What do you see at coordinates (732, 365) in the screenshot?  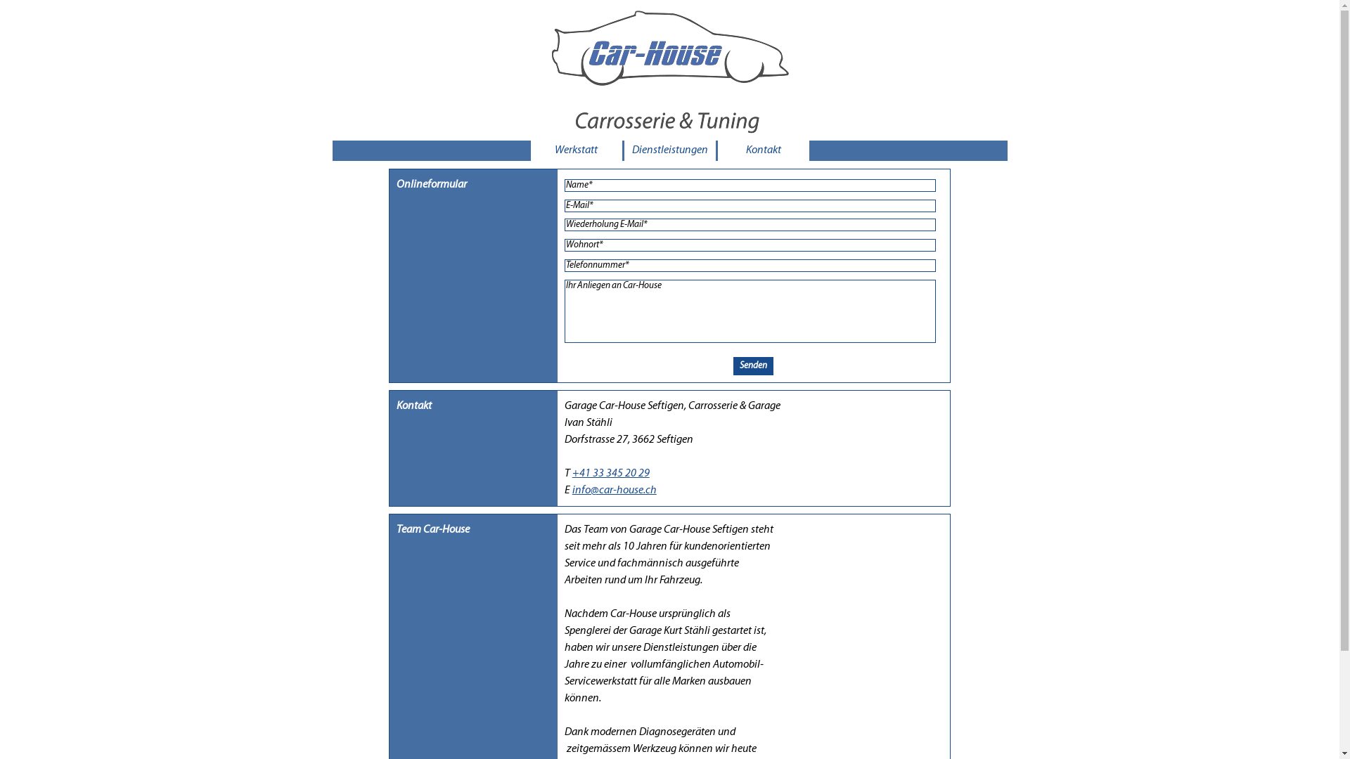 I see `'Senden'` at bounding box center [732, 365].